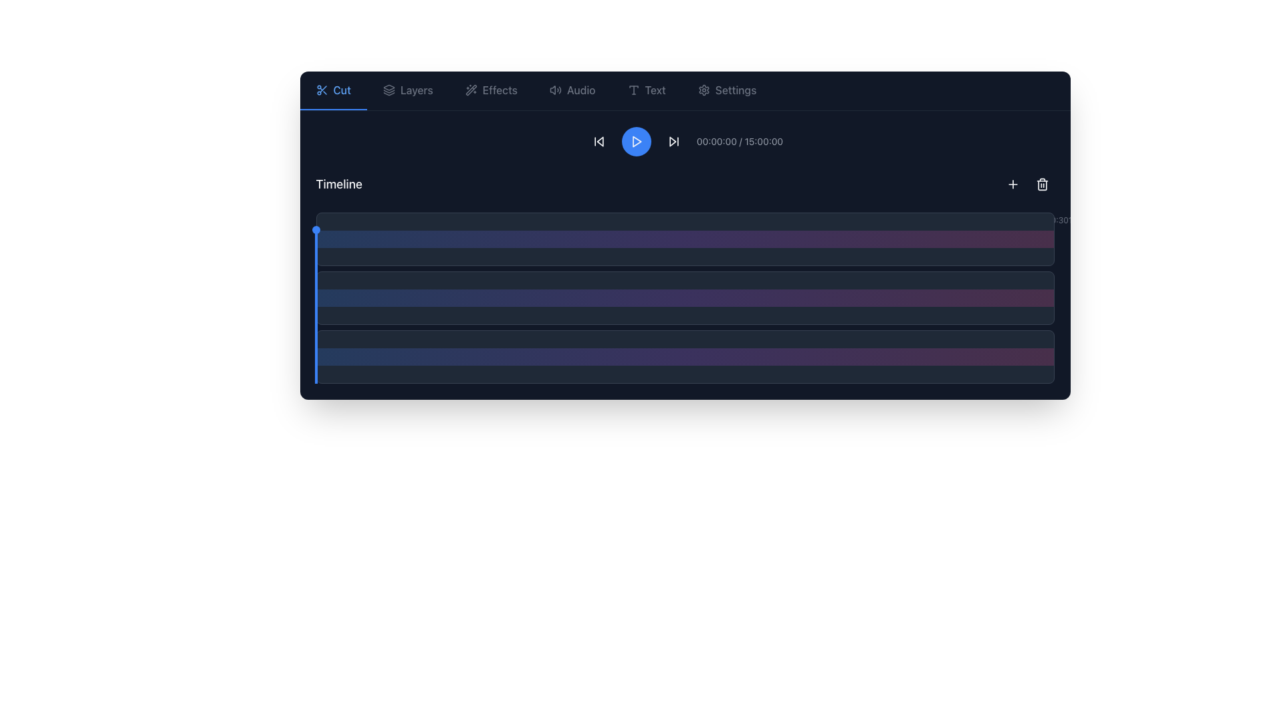 This screenshot has height=722, width=1284. What do you see at coordinates (490, 90) in the screenshot?
I see `the 'Effects' button with a wand icon in the dark navigation bar` at bounding box center [490, 90].